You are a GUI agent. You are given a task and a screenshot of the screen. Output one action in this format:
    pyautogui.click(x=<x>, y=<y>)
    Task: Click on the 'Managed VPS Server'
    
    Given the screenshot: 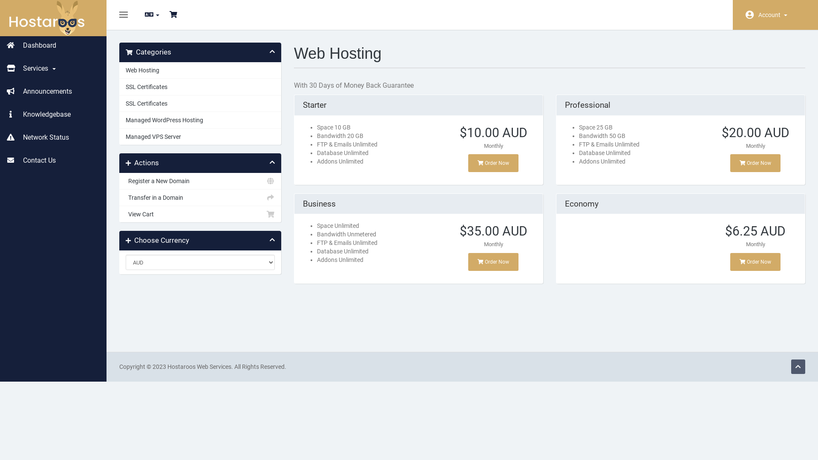 What is the action you would take?
    pyautogui.click(x=200, y=136)
    